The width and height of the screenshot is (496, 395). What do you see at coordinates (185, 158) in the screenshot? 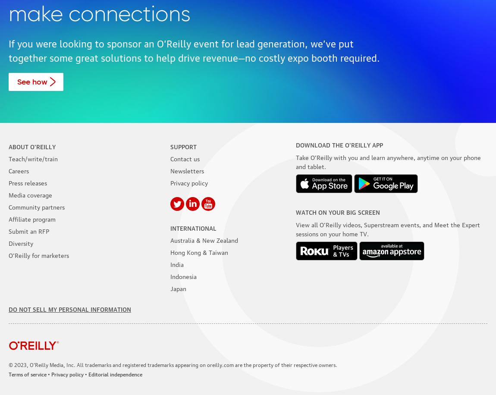
I see `'Contact us'` at bounding box center [185, 158].